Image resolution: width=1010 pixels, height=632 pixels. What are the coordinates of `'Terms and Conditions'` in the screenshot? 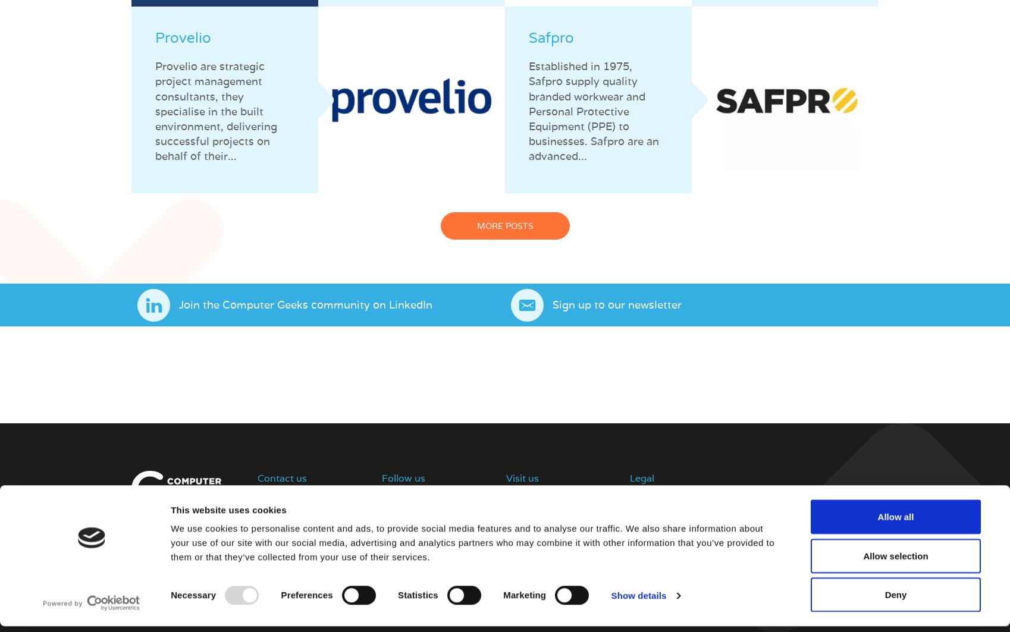 It's located at (674, 497).